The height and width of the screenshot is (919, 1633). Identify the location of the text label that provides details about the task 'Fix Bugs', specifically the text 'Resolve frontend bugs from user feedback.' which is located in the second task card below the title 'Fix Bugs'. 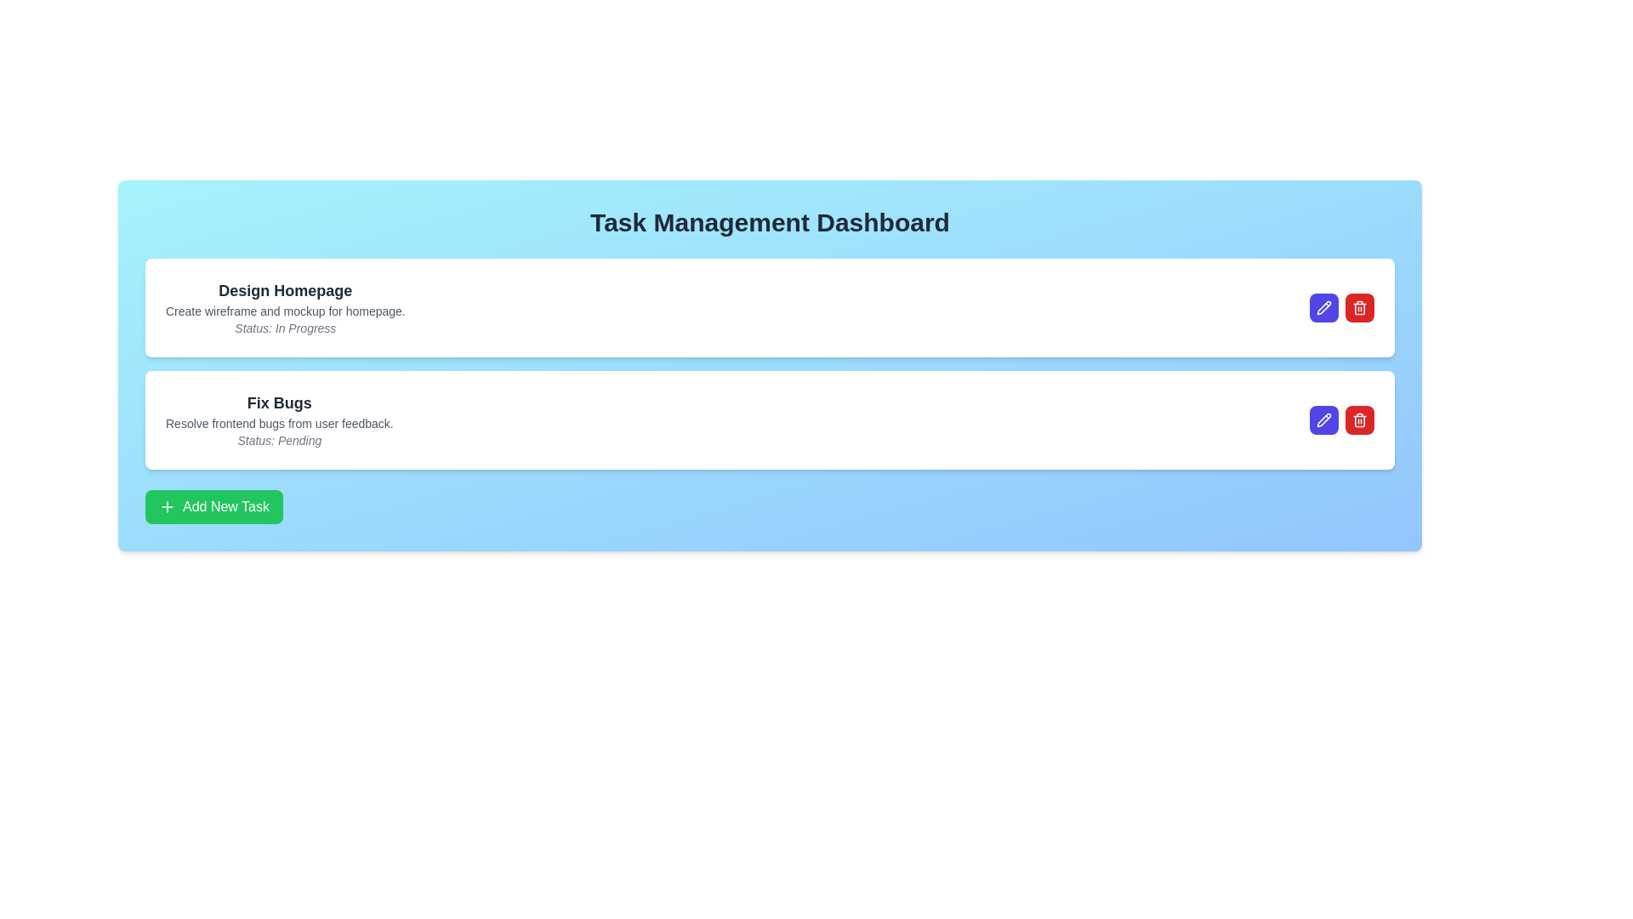
(279, 422).